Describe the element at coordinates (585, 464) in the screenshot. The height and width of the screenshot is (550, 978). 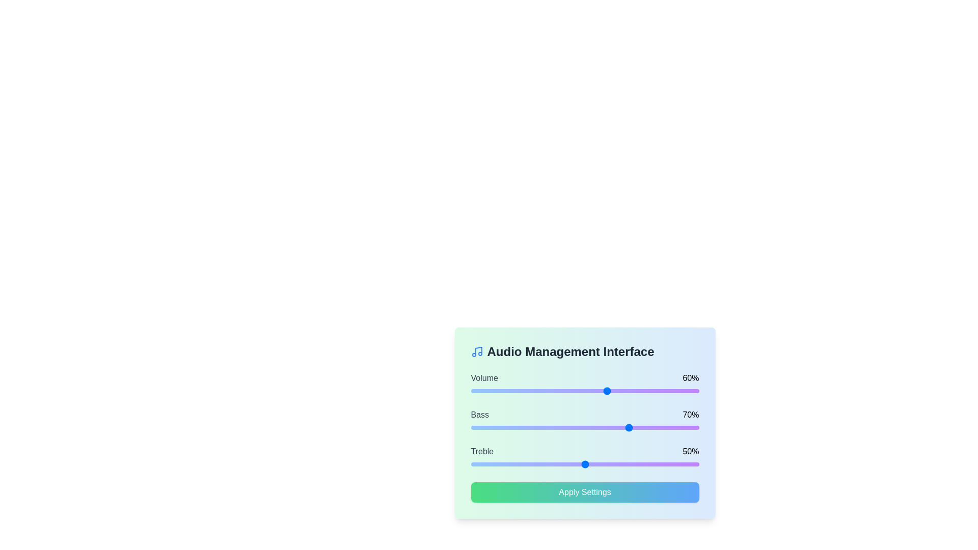
I see `the treble level` at that location.